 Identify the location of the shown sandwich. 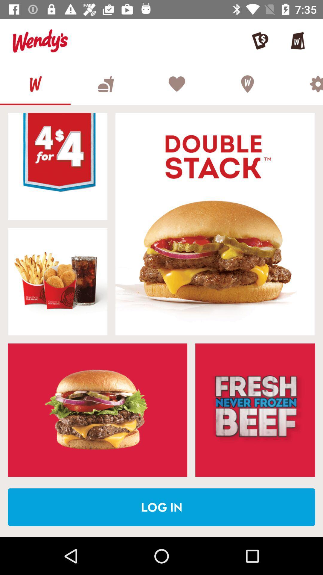
(97, 410).